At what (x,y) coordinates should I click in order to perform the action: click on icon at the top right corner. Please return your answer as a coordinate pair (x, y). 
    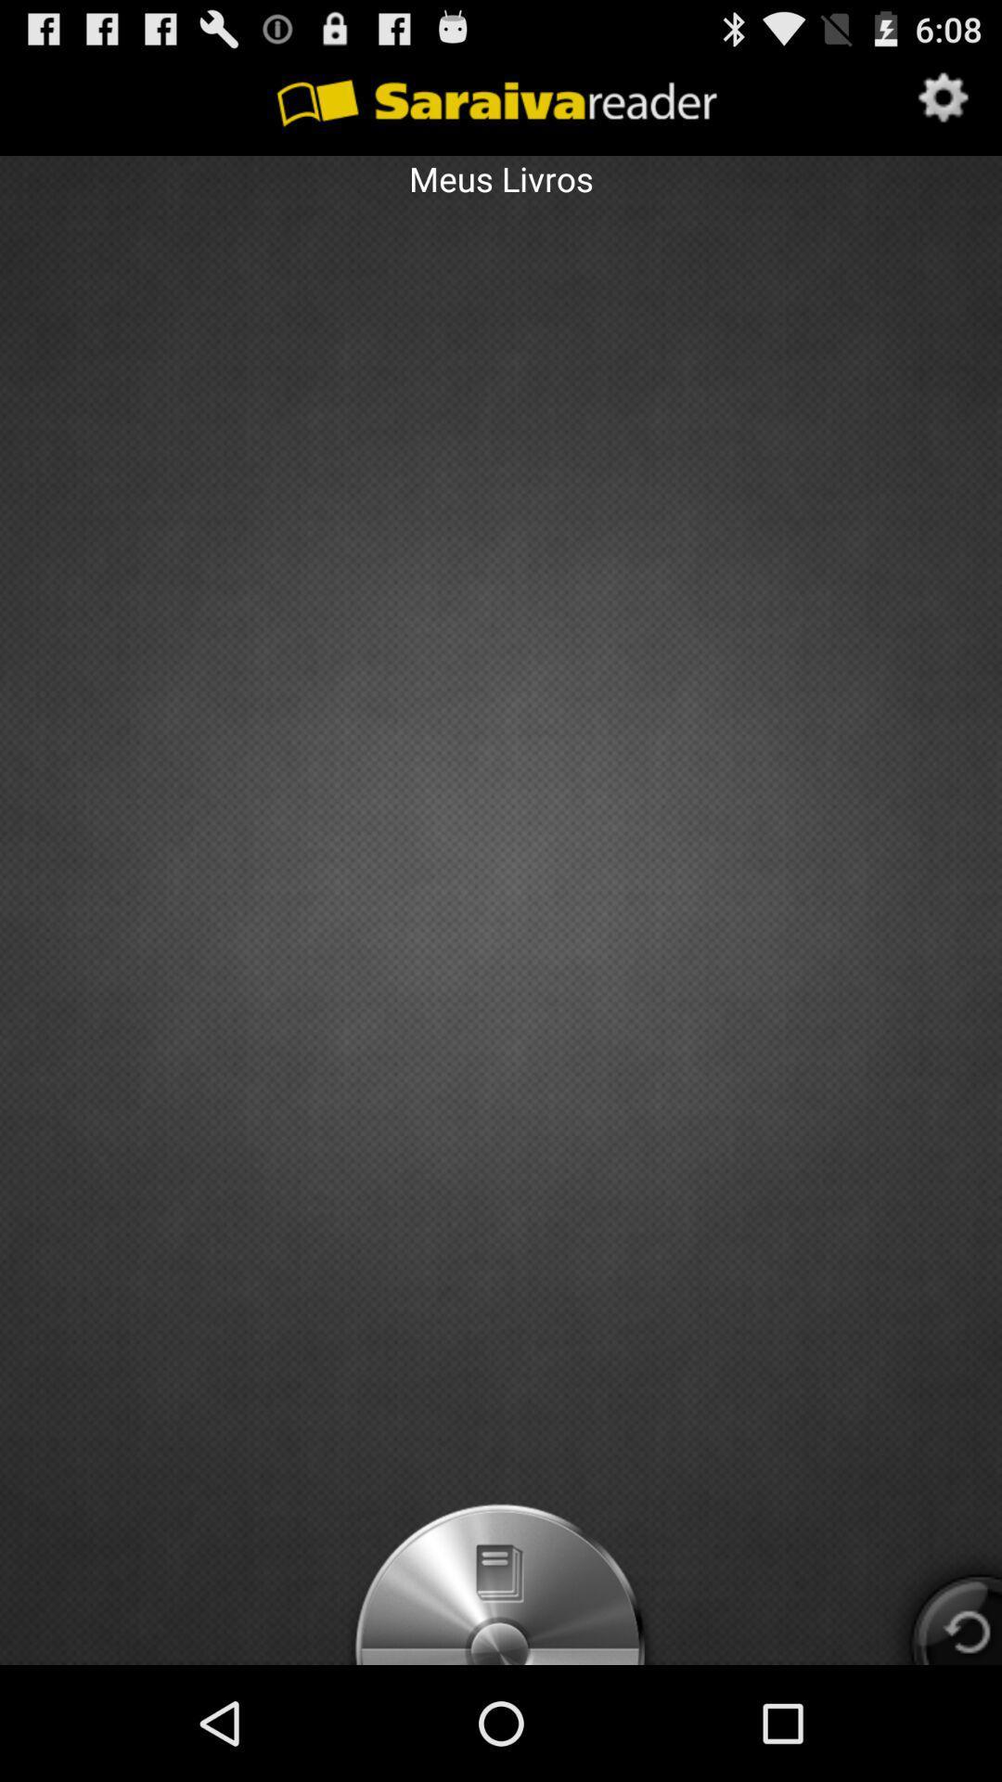
    Looking at the image, I should click on (944, 98).